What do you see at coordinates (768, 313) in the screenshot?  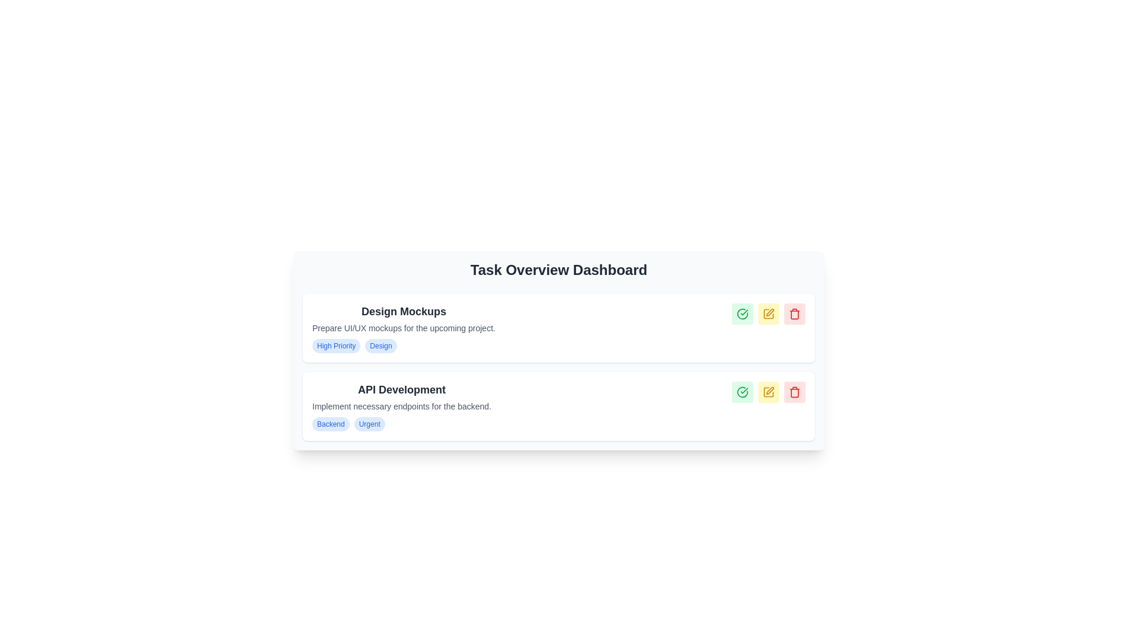 I see `the edit button located to the right of the 'Design Mockups' card, which is the second icon in a group of three` at bounding box center [768, 313].